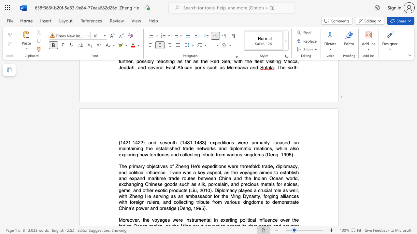 This screenshot has width=417, height=234. I want to click on the subset text "'s power and prestige (Deng, 1995)" within the text "China", so click(131, 208).